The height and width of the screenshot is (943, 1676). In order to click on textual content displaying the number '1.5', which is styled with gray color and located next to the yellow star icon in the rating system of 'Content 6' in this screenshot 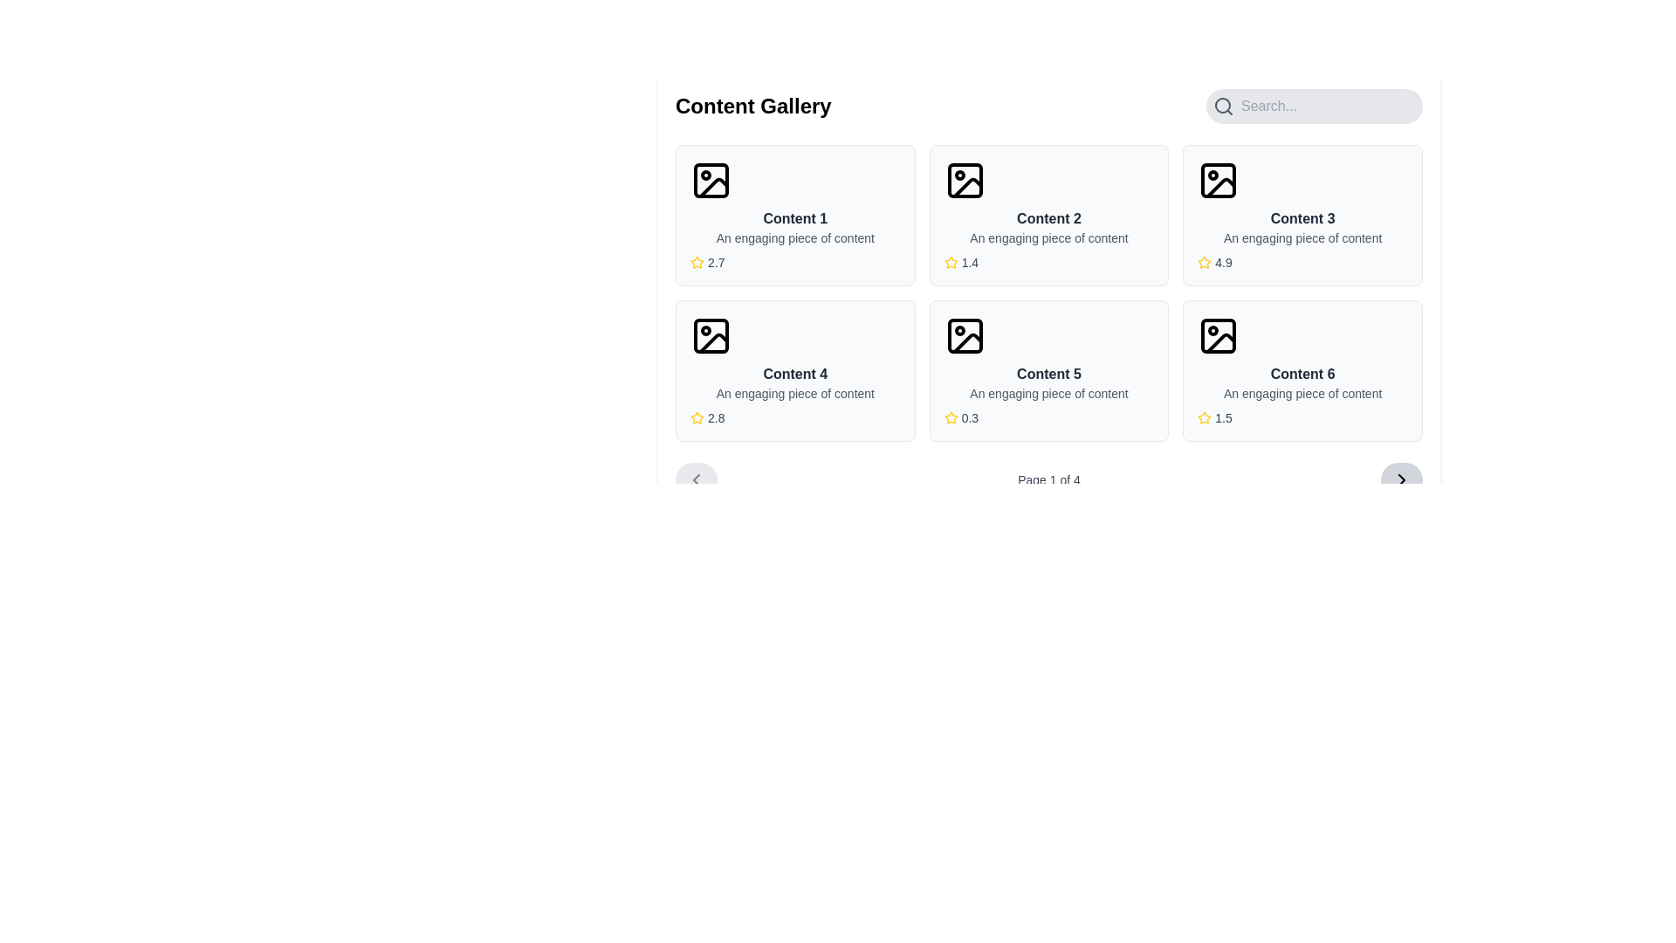, I will do `click(1222, 417)`.